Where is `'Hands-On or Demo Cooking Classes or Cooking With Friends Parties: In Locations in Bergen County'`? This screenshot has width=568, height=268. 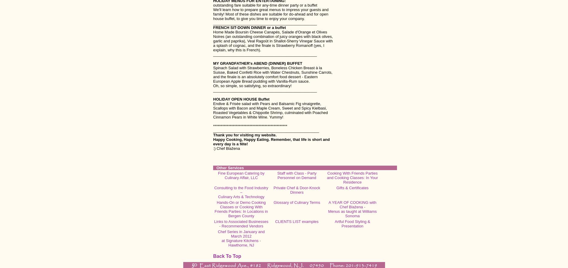
'Hands-On or Demo Cooking Classes or Cooking With Friends Parties: In Locations in Bergen County' is located at coordinates (241, 209).